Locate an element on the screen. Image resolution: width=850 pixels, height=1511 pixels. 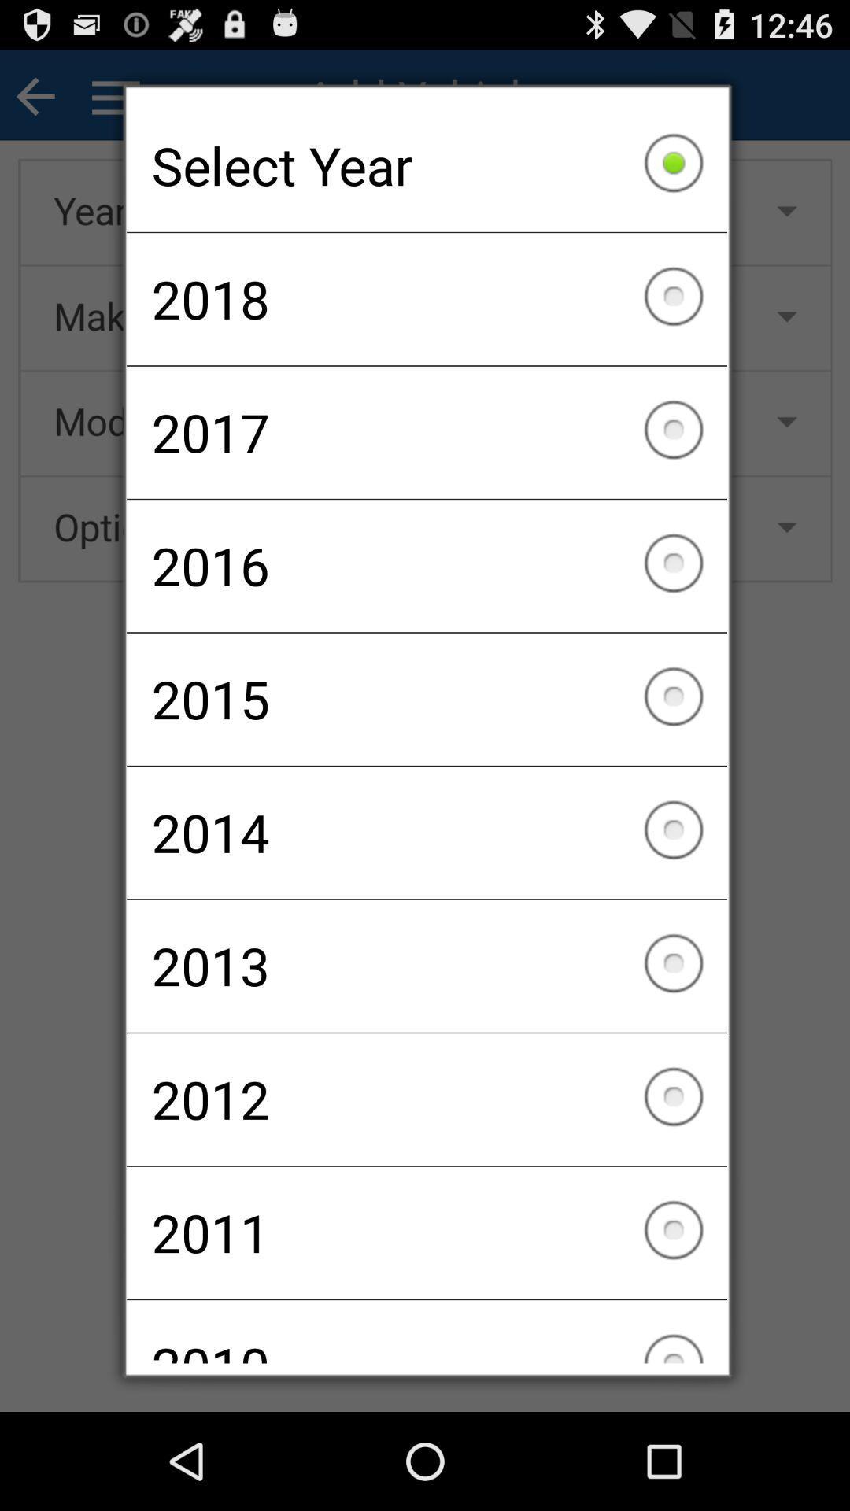
2015 checkbox is located at coordinates (427, 698).